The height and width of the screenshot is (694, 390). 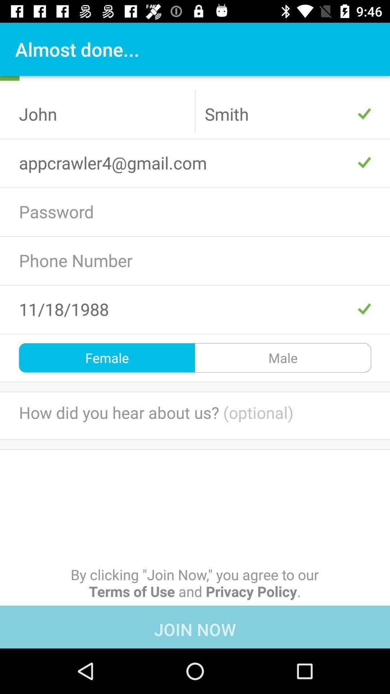 I want to click on the icon above join now, so click(x=194, y=583).